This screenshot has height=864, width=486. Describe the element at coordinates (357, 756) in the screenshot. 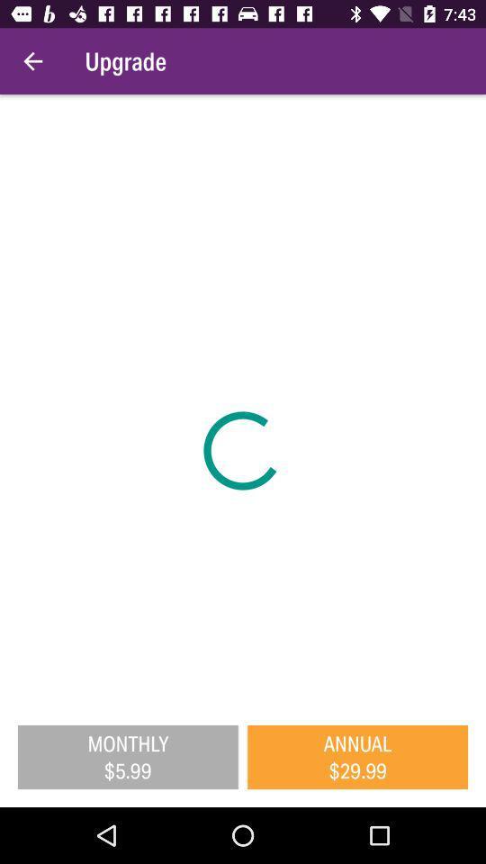

I see `the annual` at that location.